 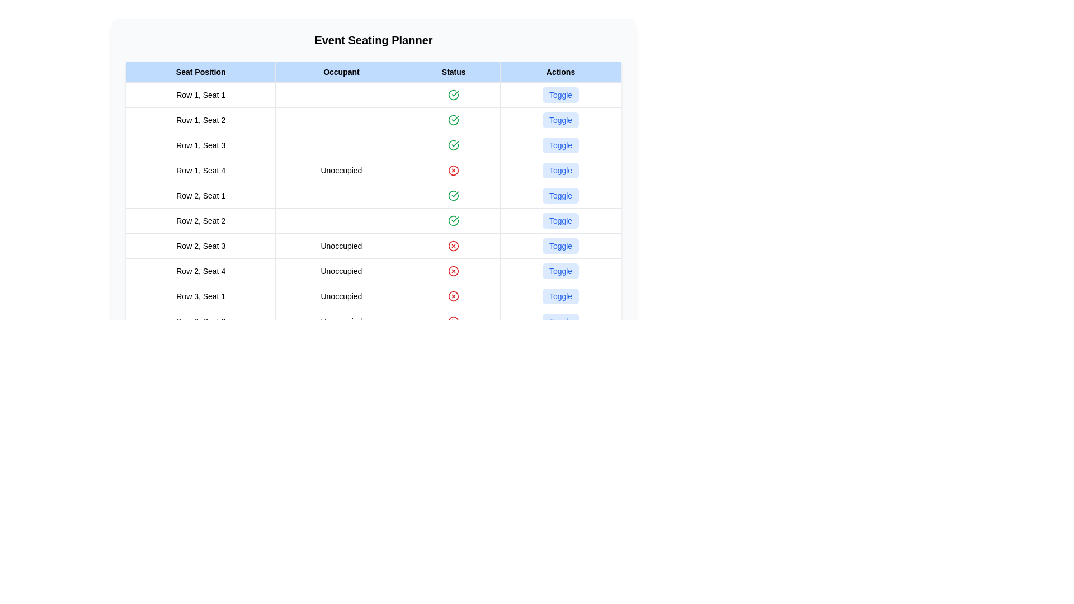 What do you see at coordinates (201, 170) in the screenshot?
I see `the Table cell that identifies 'Row 1, Seat 4' in the event seating plan, located under the 'Seat Position' column` at bounding box center [201, 170].